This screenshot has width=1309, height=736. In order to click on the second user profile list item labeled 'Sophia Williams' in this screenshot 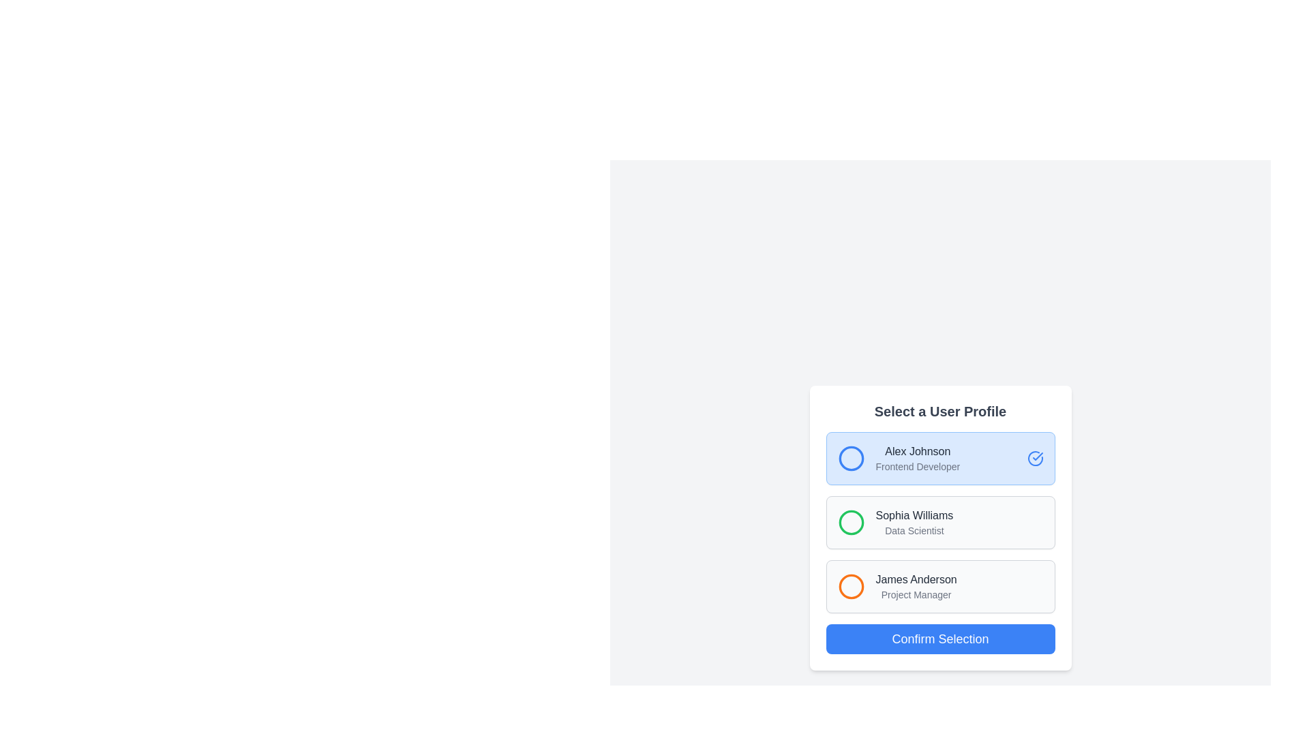, I will do `click(939, 522)`.